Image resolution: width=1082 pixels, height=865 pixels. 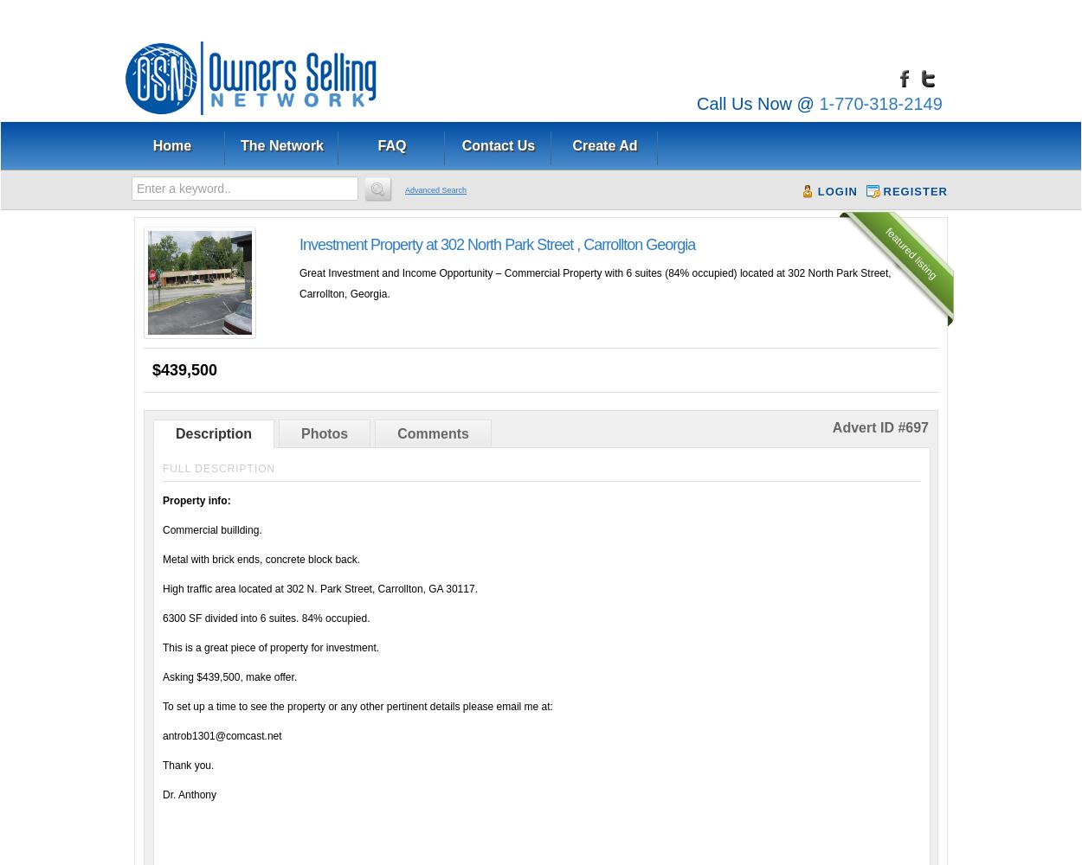 I want to click on '$439,500', so click(x=152, y=370).